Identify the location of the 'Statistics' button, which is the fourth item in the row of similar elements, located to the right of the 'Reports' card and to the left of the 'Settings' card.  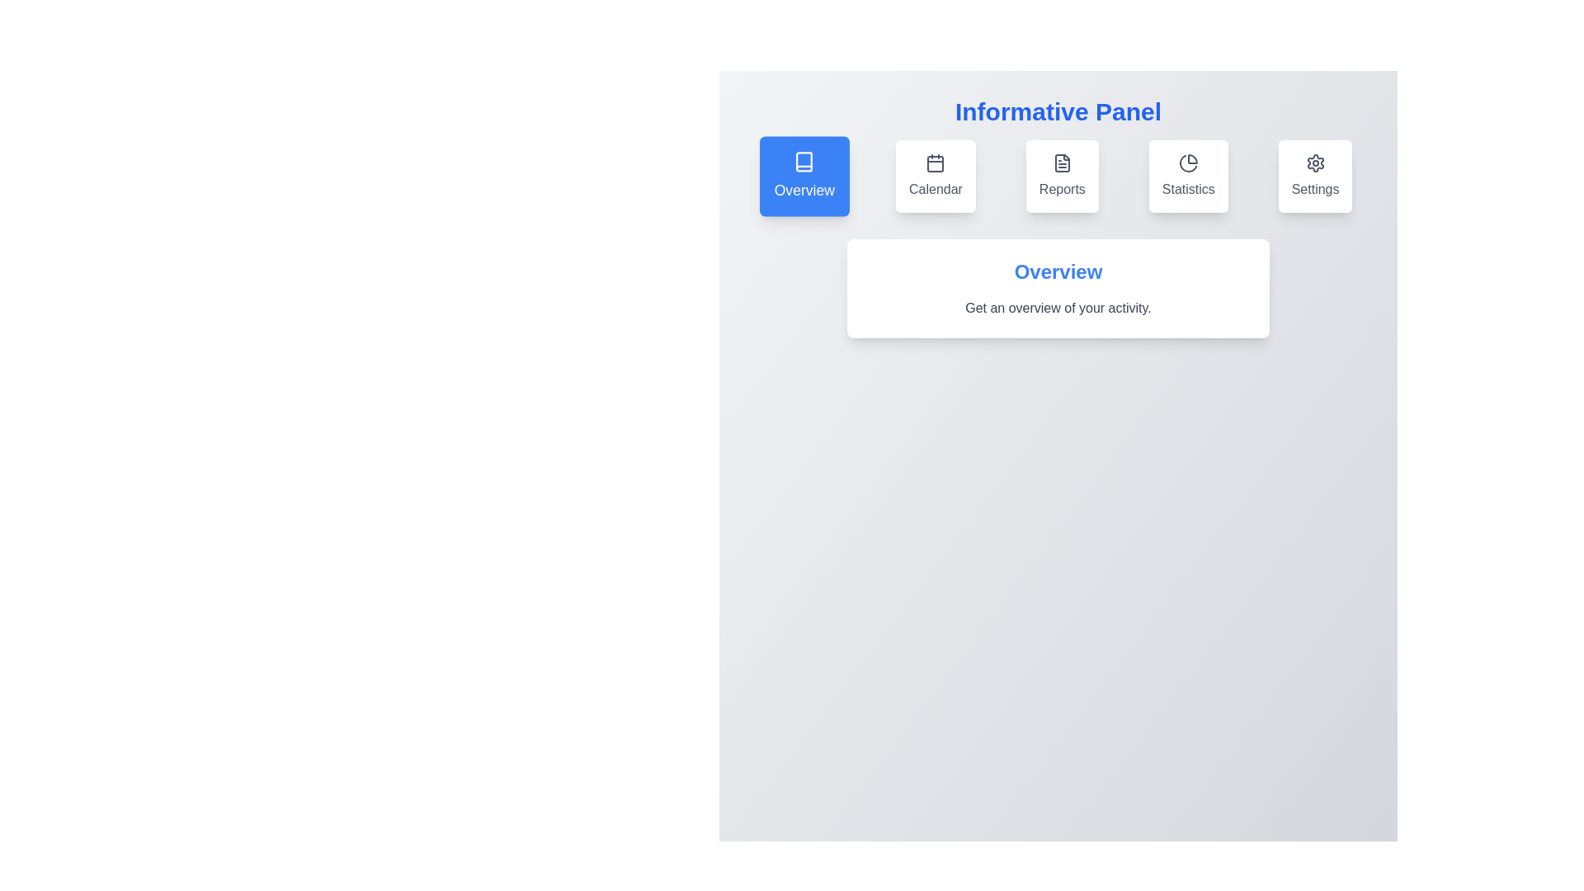
(1188, 176).